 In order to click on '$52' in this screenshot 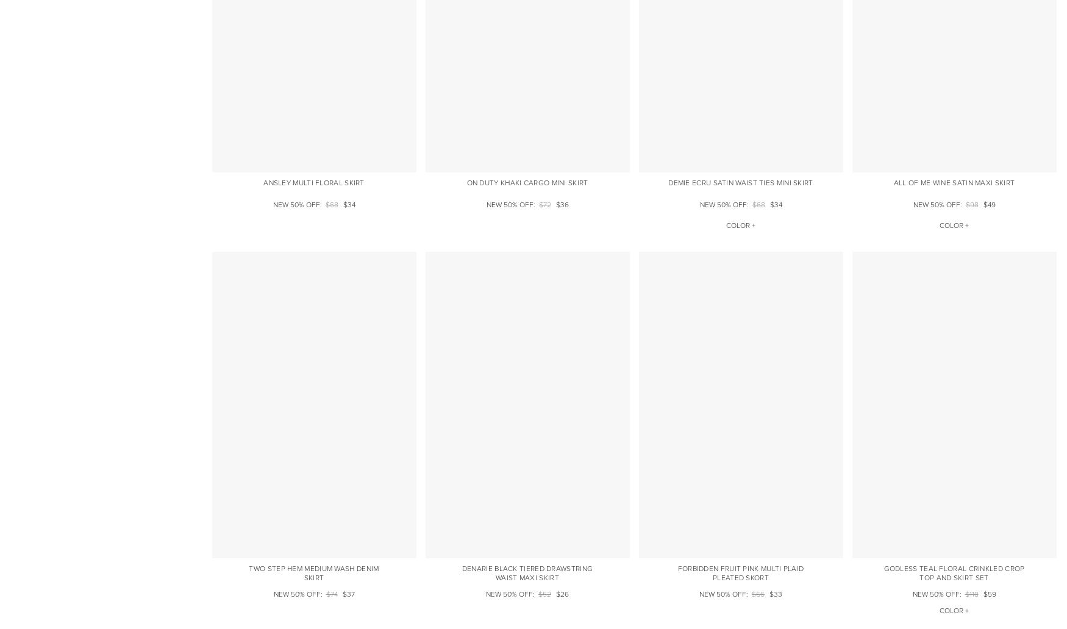, I will do `click(544, 593)`.